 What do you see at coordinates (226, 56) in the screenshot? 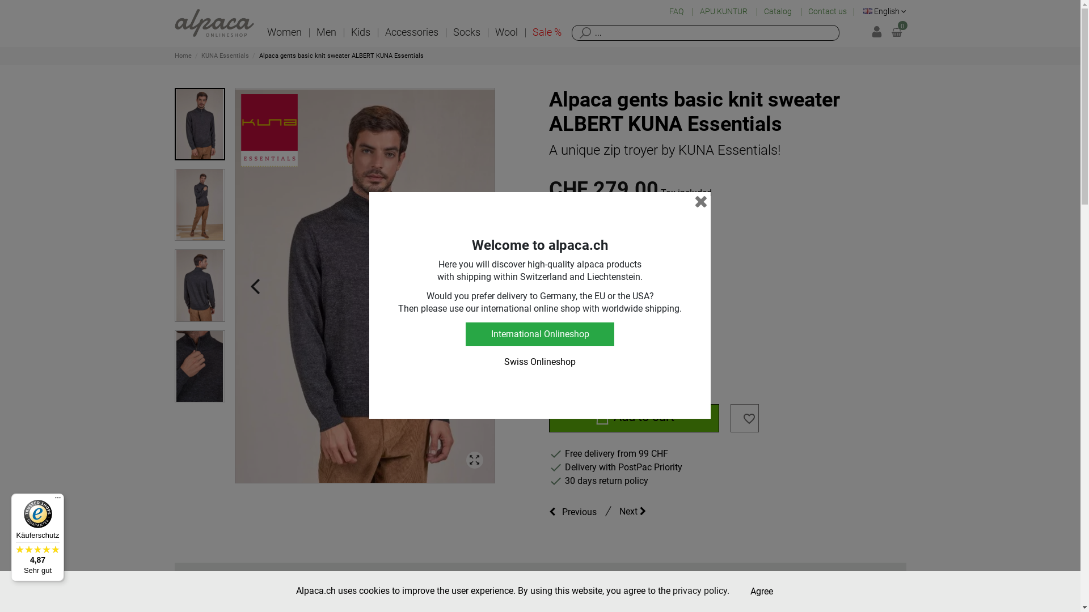
I see `'KUNA Essentials'` at bounding box center [226, 56].